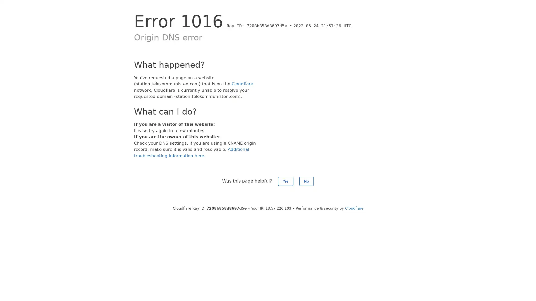 The height and width of the screenshot is (301, 536). What do you see at coordinates (306, 181) in the screenshot?
I see `No` at bounding box center [306, 181].